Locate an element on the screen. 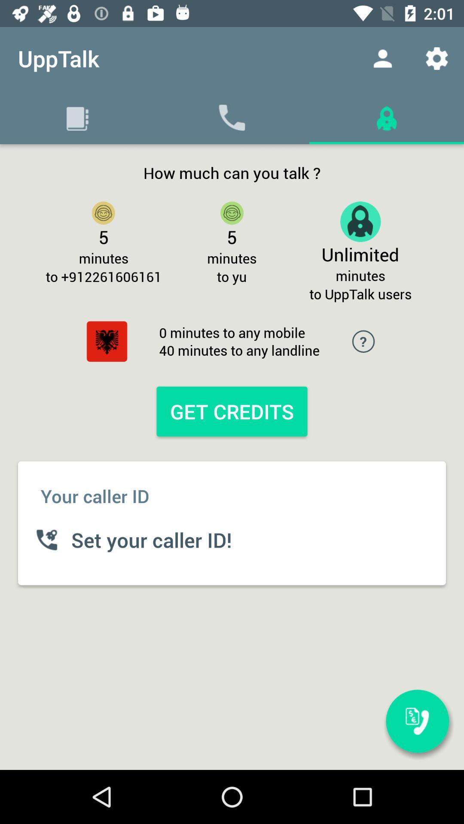 This screenshot has width=464, height=824. contact number is located at coordinates (417, 721).